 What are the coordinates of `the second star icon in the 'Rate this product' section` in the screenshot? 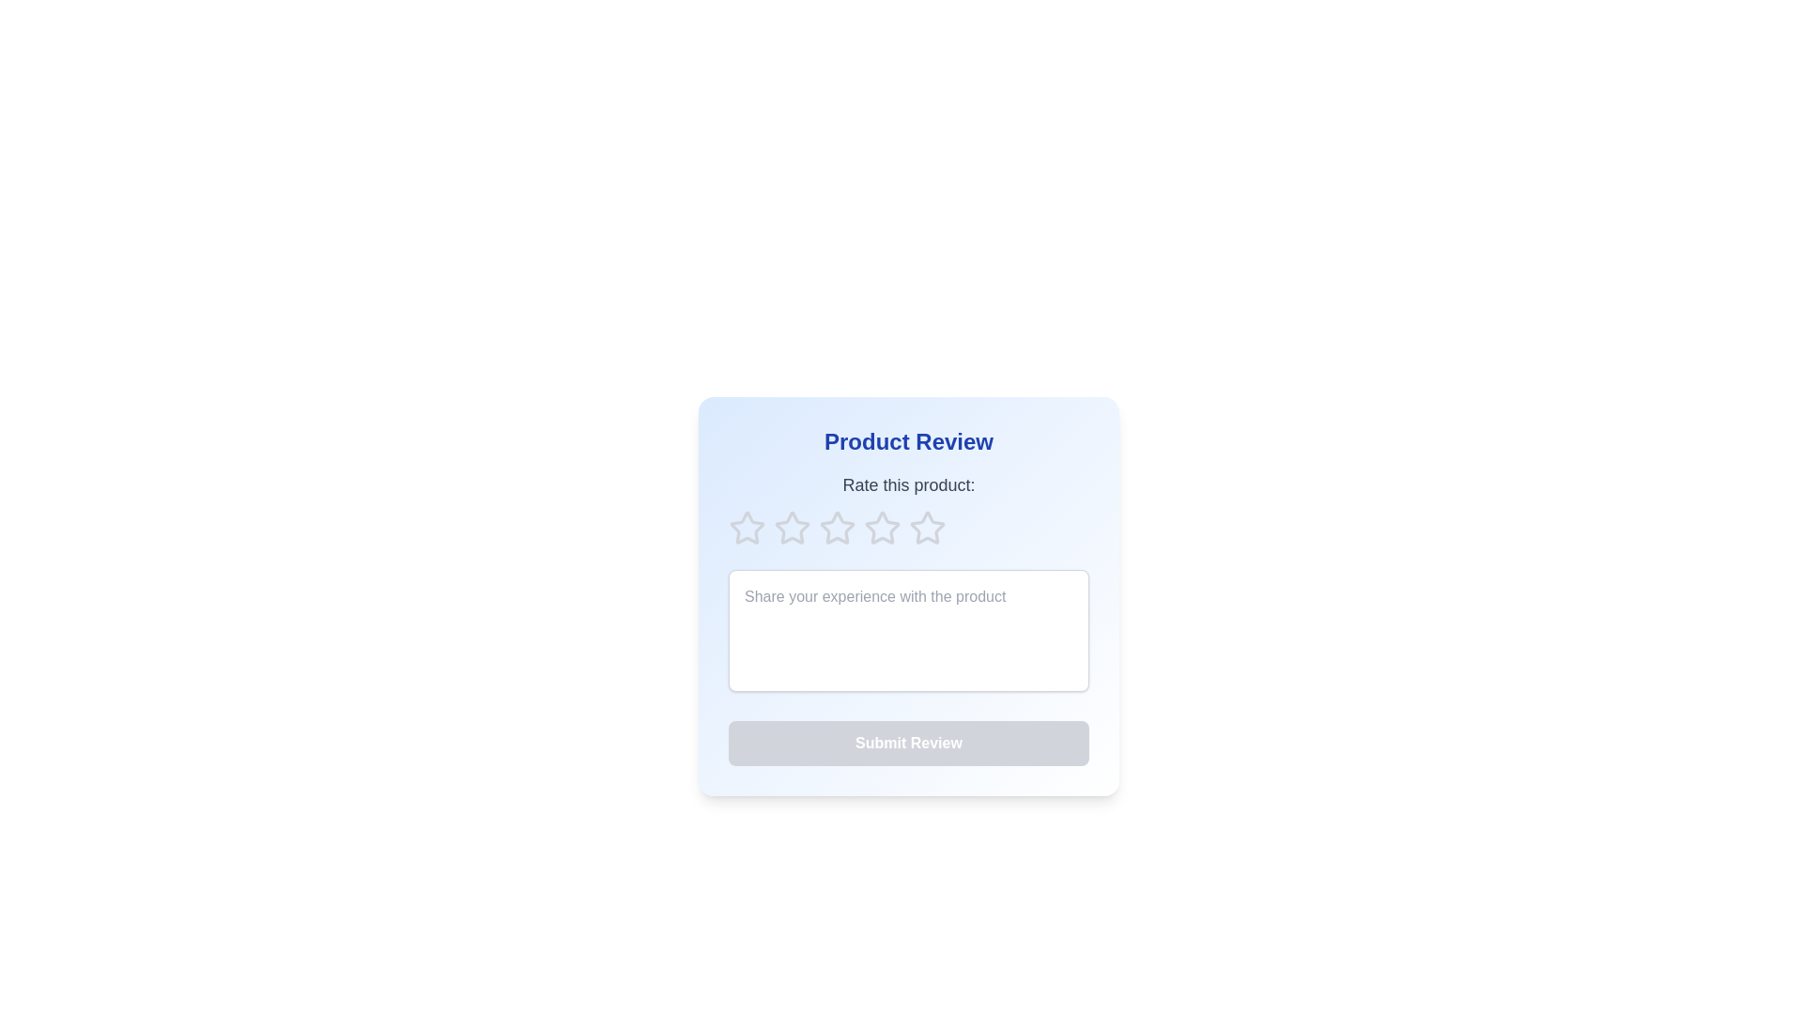 It's located at (837, 528).